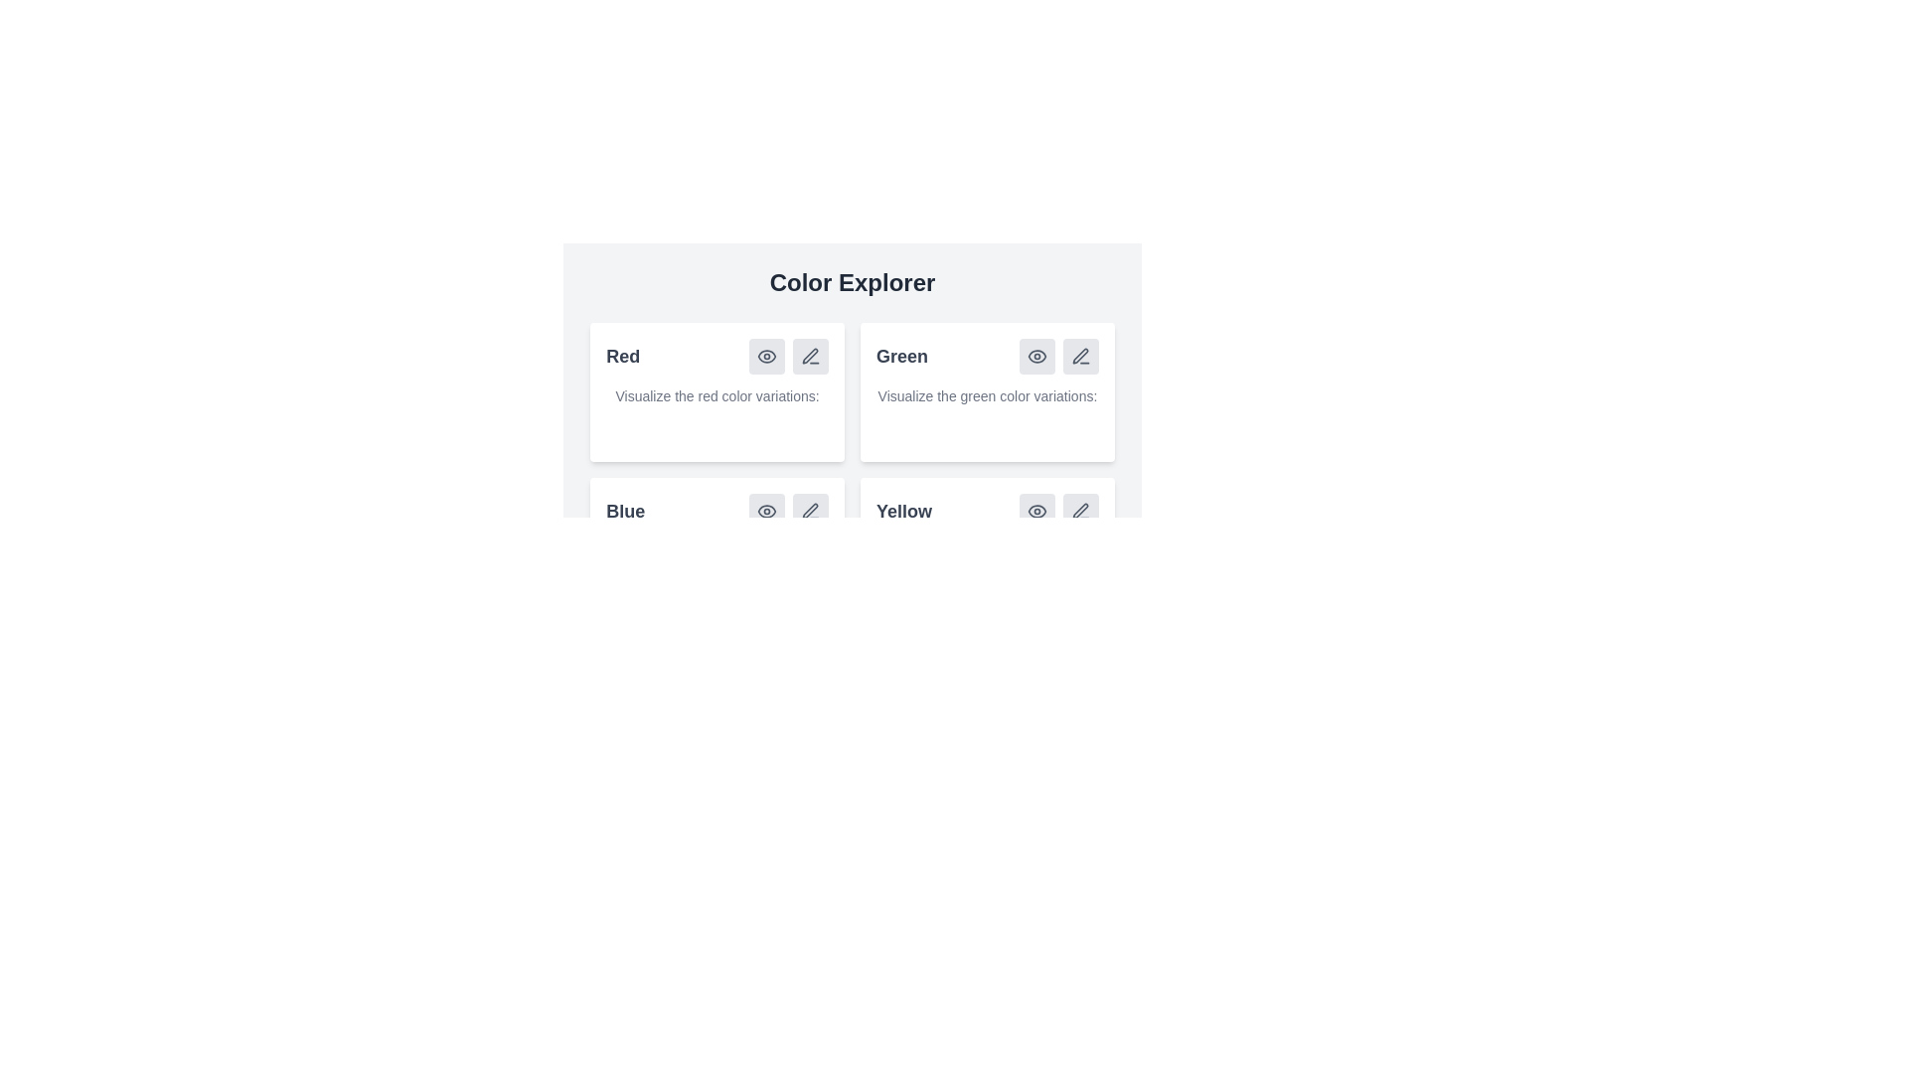  I want to click on the button with an eye icon, which is located to the right of the 'Yellow' color section in the 'Color Explorer' interface, so click(1035, 511).